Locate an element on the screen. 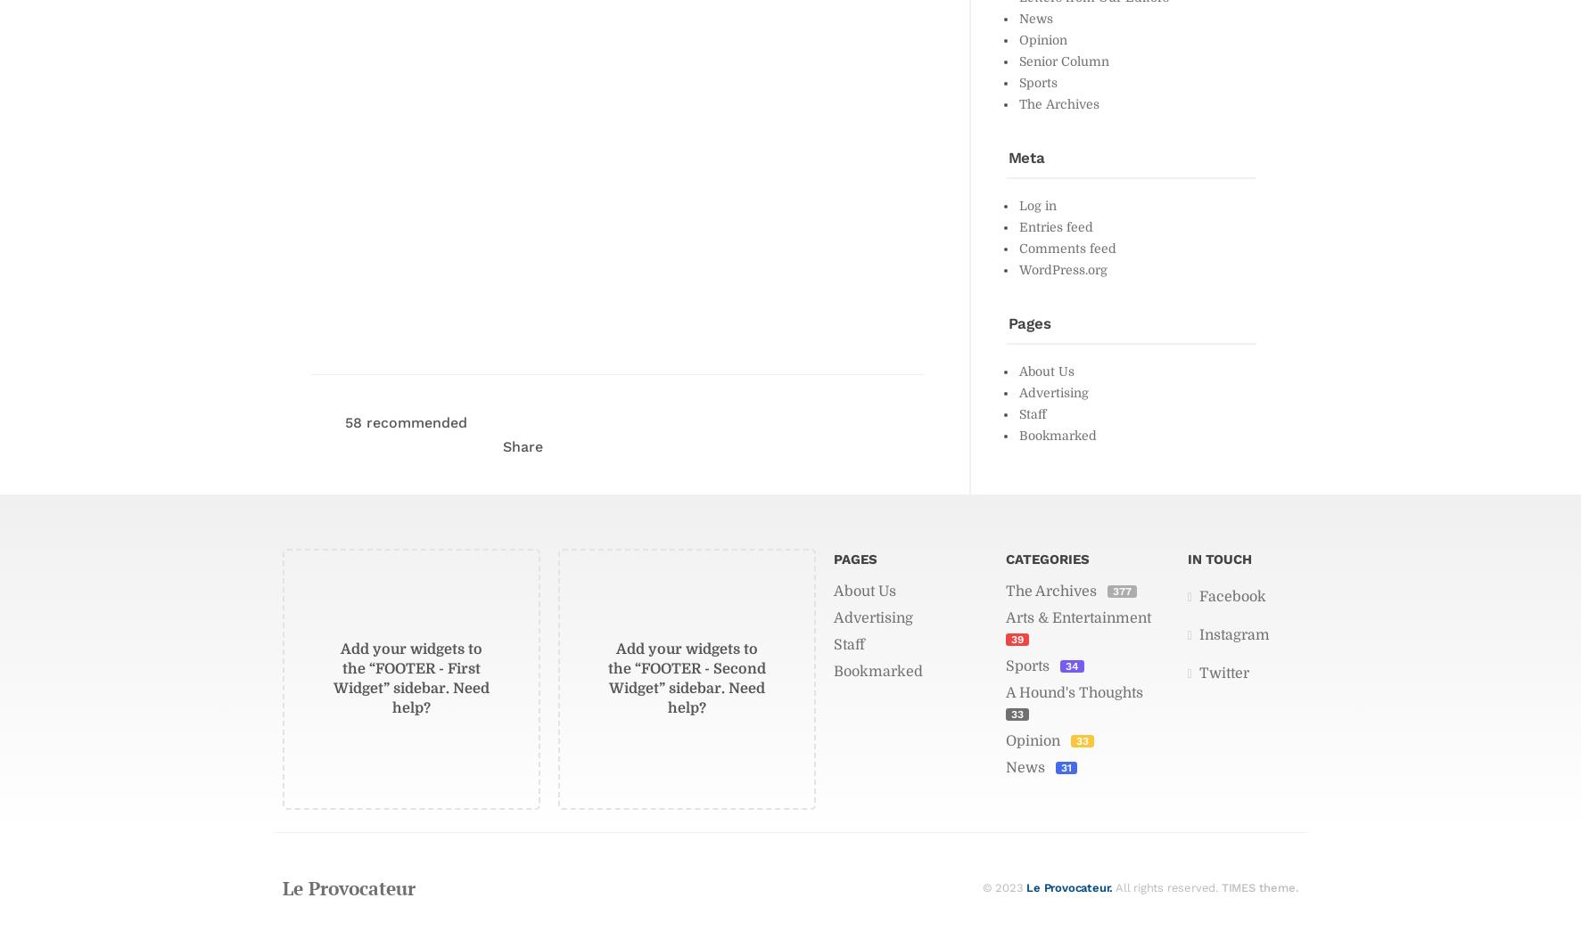 The height and width of the screenshot is (939, 1581). 'Le Provo­ca­teur.' is located at coordinates (1068, 886).